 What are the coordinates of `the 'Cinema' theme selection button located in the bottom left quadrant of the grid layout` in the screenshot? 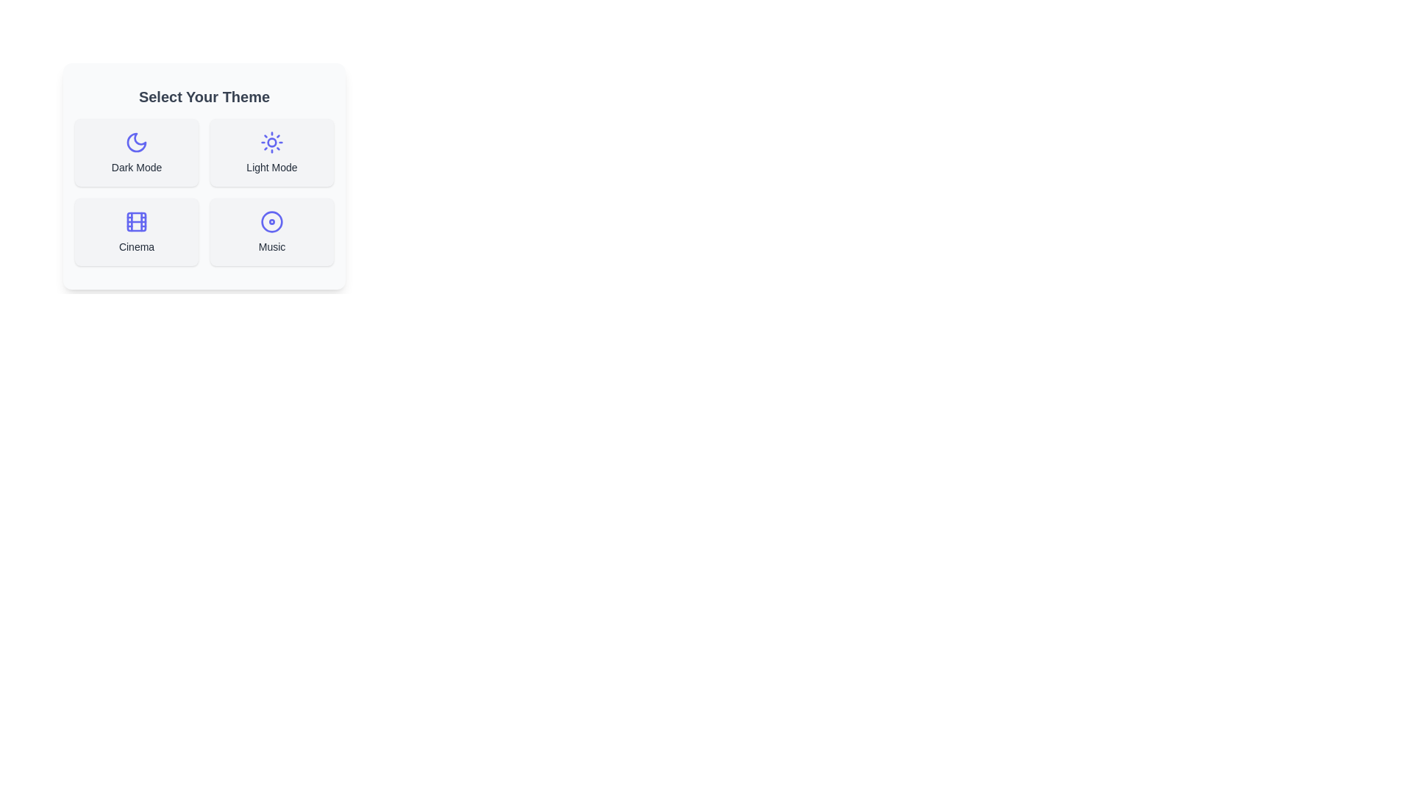 It's located at (137, 232).